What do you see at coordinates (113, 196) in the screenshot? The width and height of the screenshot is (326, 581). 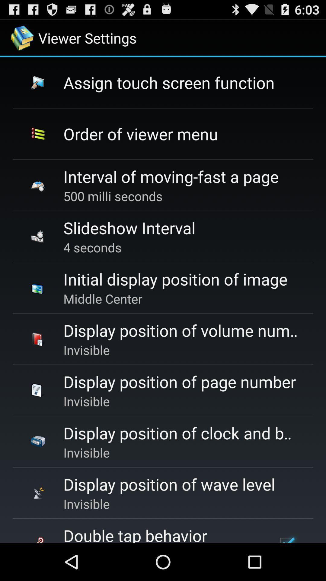 I see `the 500 milli seconds` at bounding box center [113, 196].